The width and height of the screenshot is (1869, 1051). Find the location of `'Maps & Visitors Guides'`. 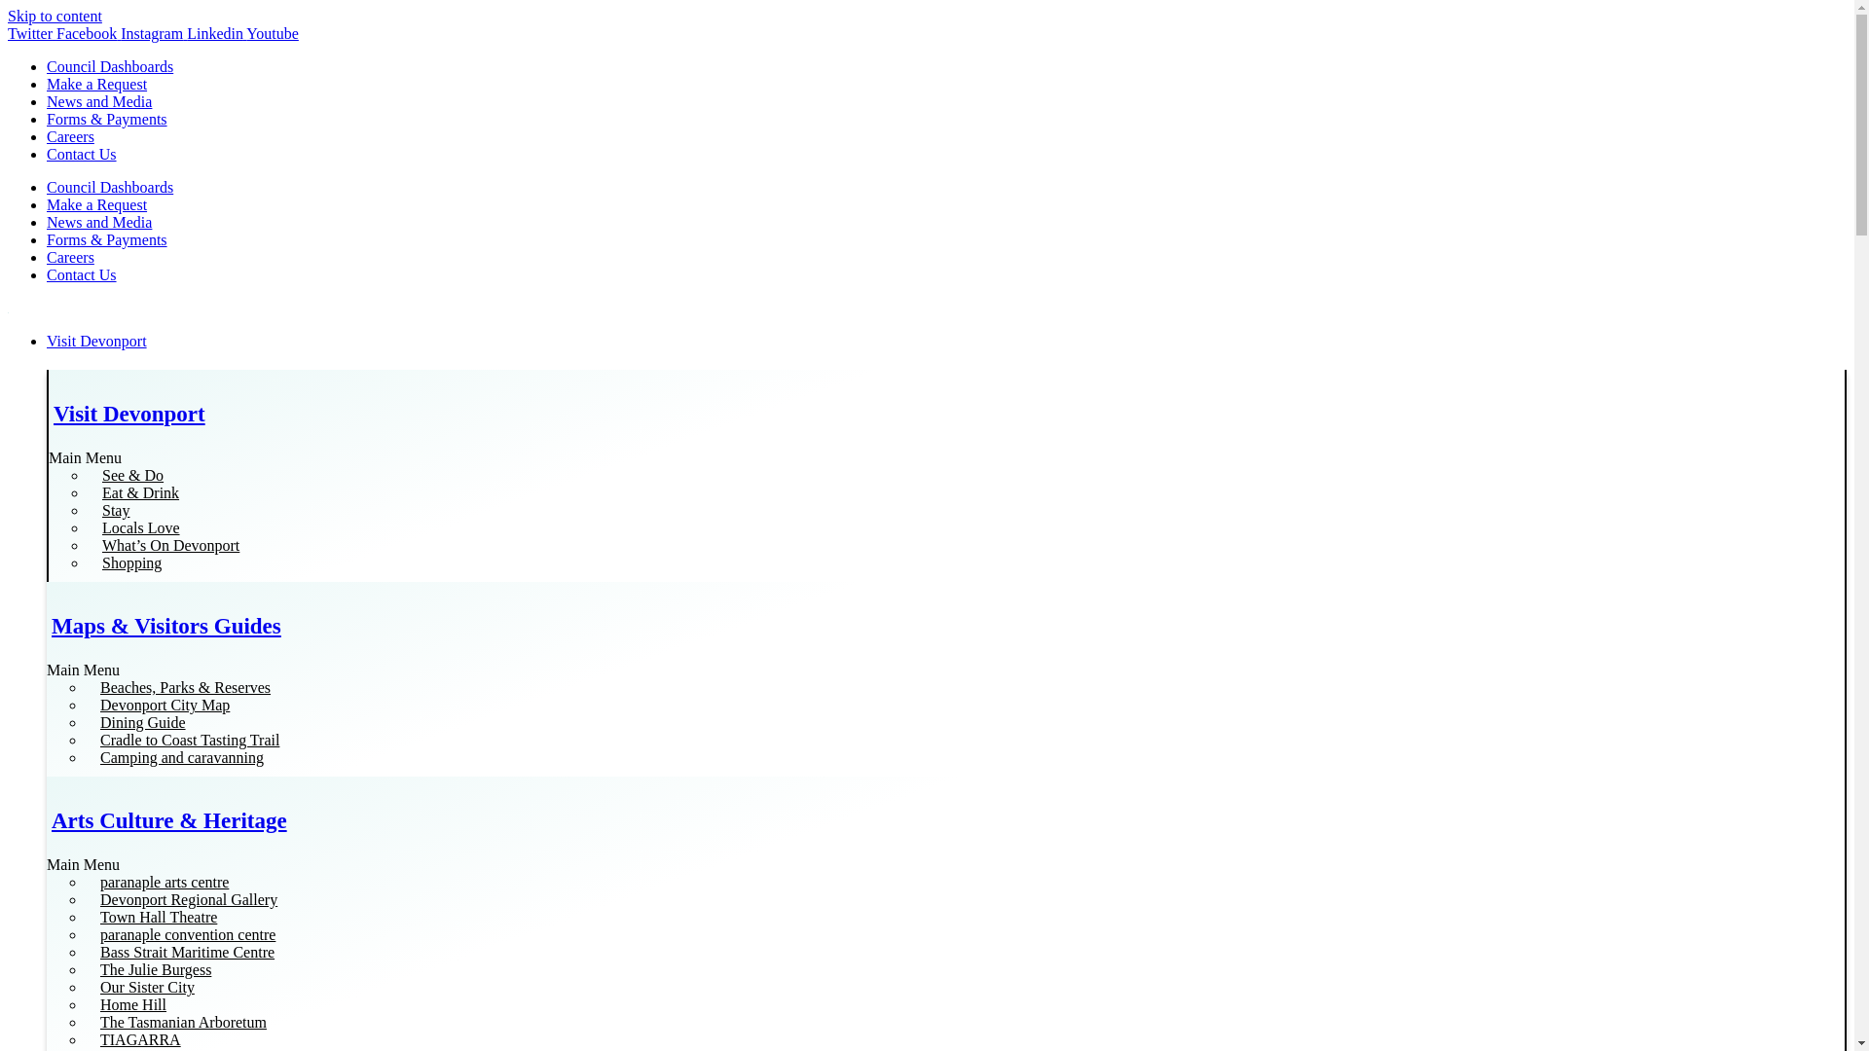

'Maps & Visitors Guides' is located at coordinates (51, 626).